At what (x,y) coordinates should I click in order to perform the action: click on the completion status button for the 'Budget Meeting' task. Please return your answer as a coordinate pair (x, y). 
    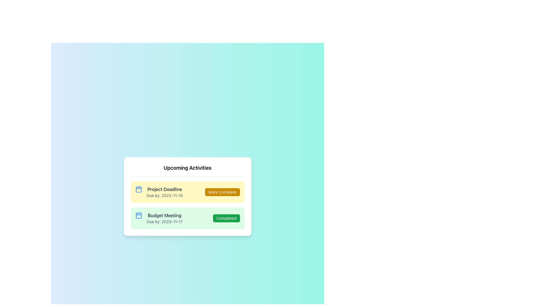
    Looking at the image, I should click on (226, 218).